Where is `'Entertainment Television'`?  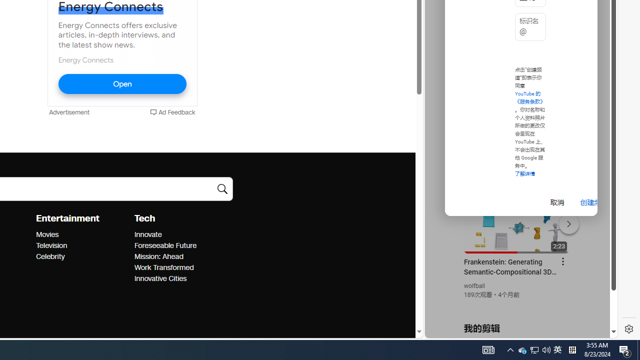
'Entertainment Television' is located at coordinates (51, 245).